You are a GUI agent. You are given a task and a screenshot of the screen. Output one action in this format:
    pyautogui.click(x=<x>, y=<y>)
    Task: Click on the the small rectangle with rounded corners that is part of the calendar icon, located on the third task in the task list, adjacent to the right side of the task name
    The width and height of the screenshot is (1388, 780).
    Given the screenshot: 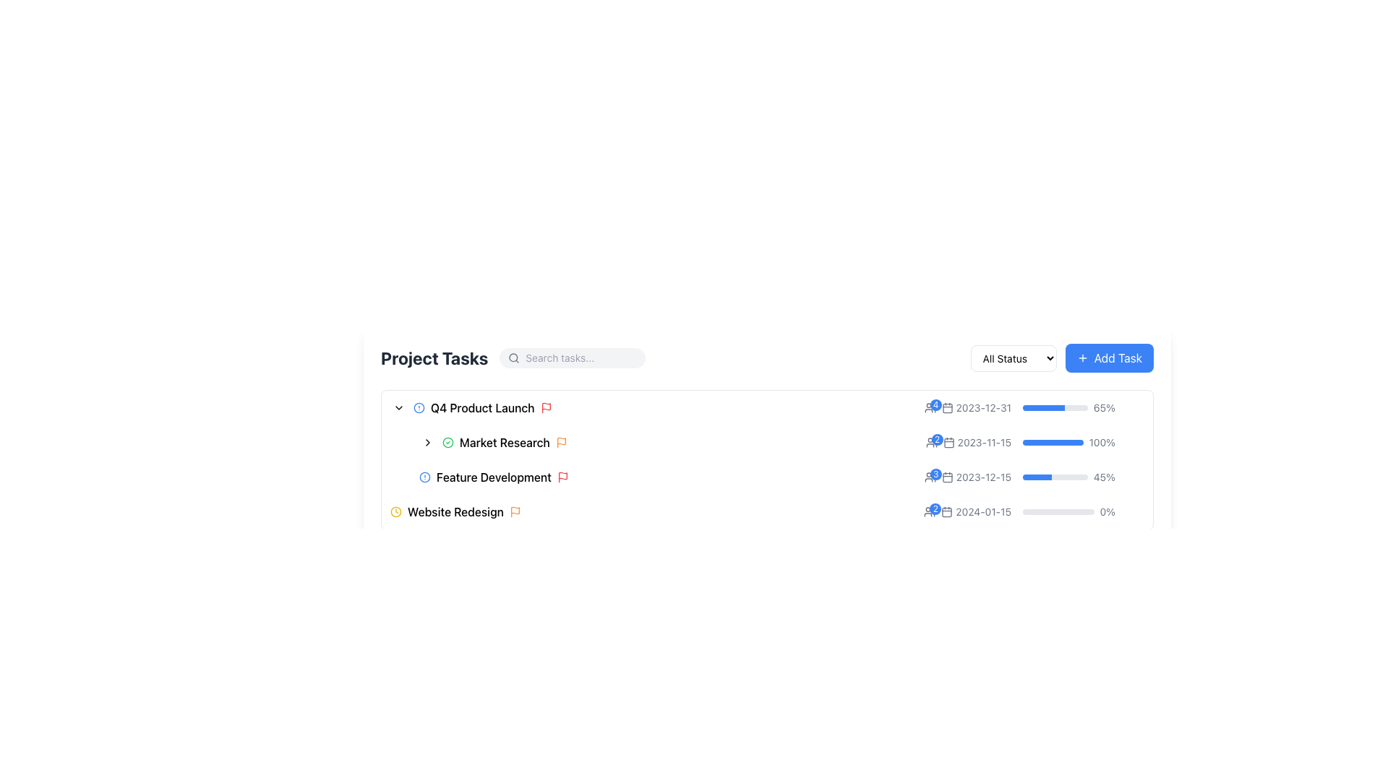 What is the action you would take?
    pyautogui.click(x=947, y=408)
    